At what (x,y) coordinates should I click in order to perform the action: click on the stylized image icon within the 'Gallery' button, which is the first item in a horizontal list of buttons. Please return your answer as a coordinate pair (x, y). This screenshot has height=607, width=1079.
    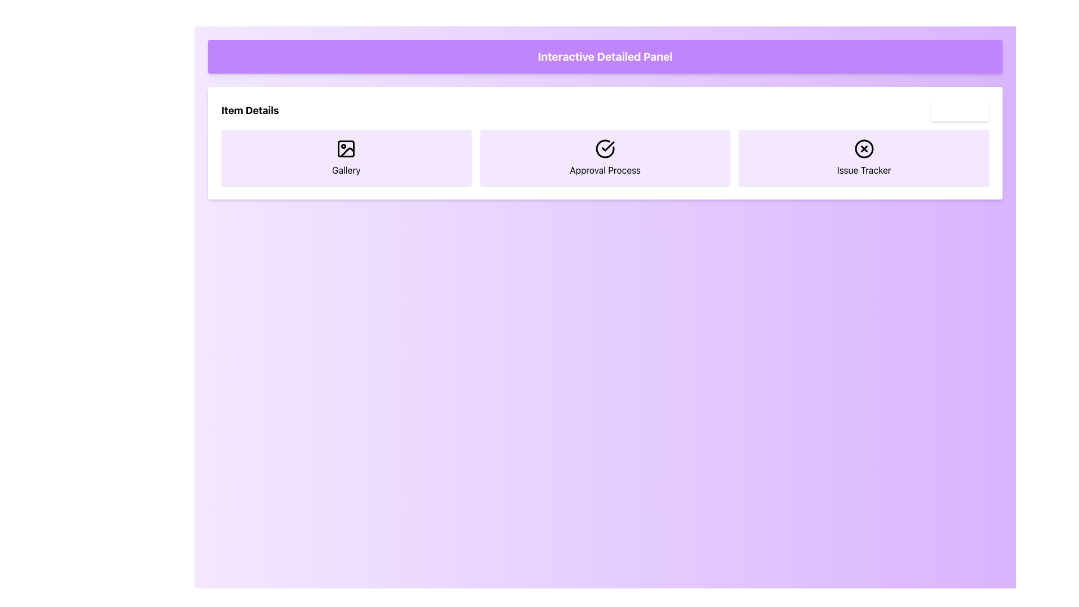
    Looking at the image, I should click on (347, 152).